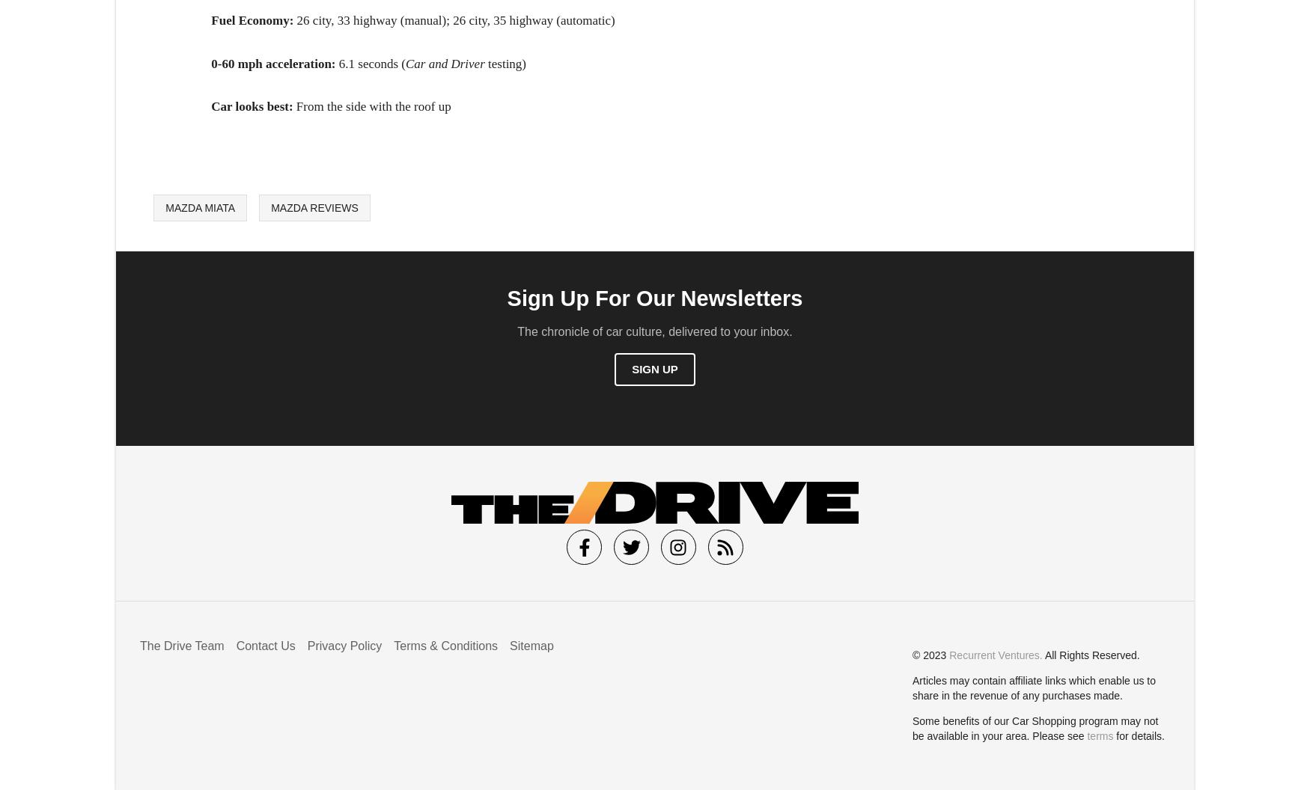 This screenshot has height=790, width=1310. I want to click on 'Mazda Reviews', so click(314, 206).